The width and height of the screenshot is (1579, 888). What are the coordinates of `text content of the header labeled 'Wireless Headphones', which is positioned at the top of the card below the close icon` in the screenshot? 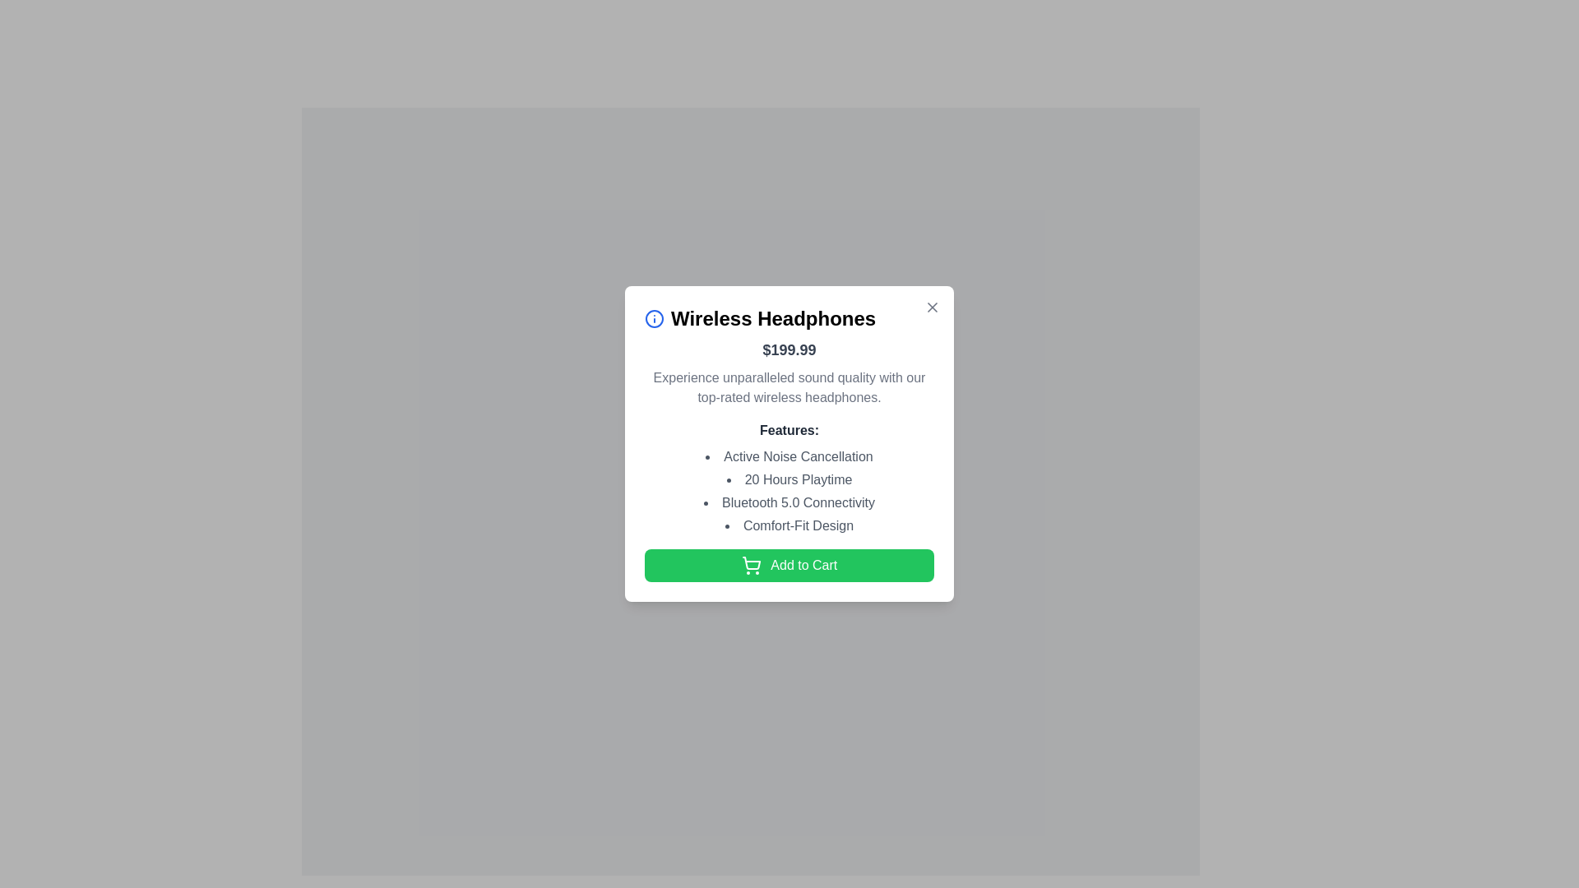 It's located at (789, 317).